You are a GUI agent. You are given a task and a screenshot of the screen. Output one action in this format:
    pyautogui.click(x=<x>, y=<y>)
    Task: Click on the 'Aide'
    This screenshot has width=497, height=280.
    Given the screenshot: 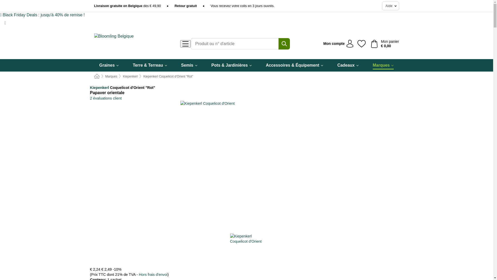 What is the action you would take?
    pyautogui.click(x=390, y=6)
    